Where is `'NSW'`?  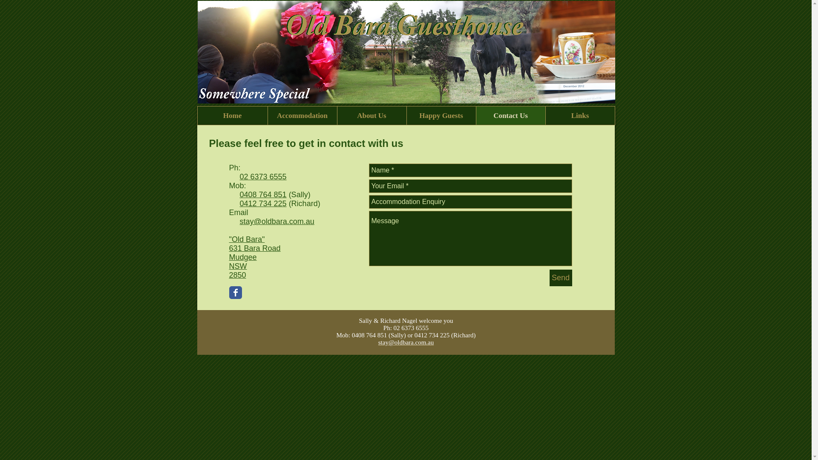 'NSW' is located at coordinates (238, 265).